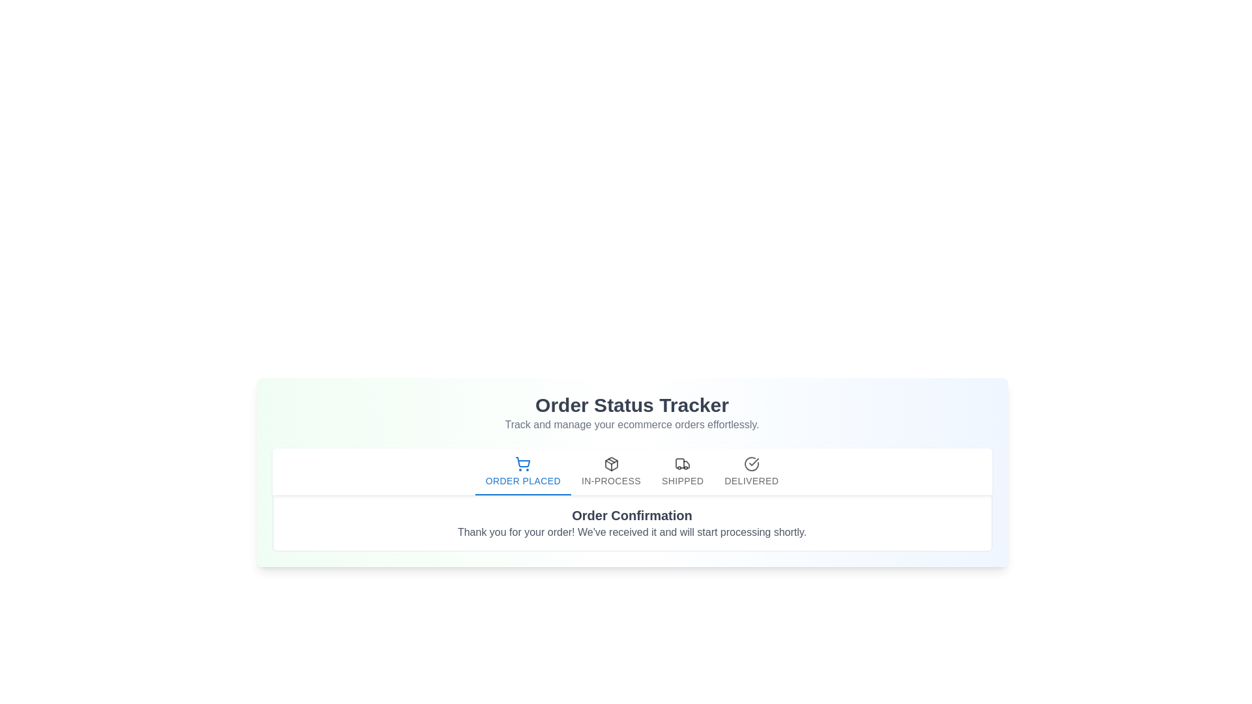 This screenshot has height=704, width=1252. Describe the element at coordinates (632, 533) in the screenshot. I see `the text block that contains the message: 'Thank you for your order! We've received it and will start processing shortly.' positioned beneath the 'Order Confirmation' heading` at that location.